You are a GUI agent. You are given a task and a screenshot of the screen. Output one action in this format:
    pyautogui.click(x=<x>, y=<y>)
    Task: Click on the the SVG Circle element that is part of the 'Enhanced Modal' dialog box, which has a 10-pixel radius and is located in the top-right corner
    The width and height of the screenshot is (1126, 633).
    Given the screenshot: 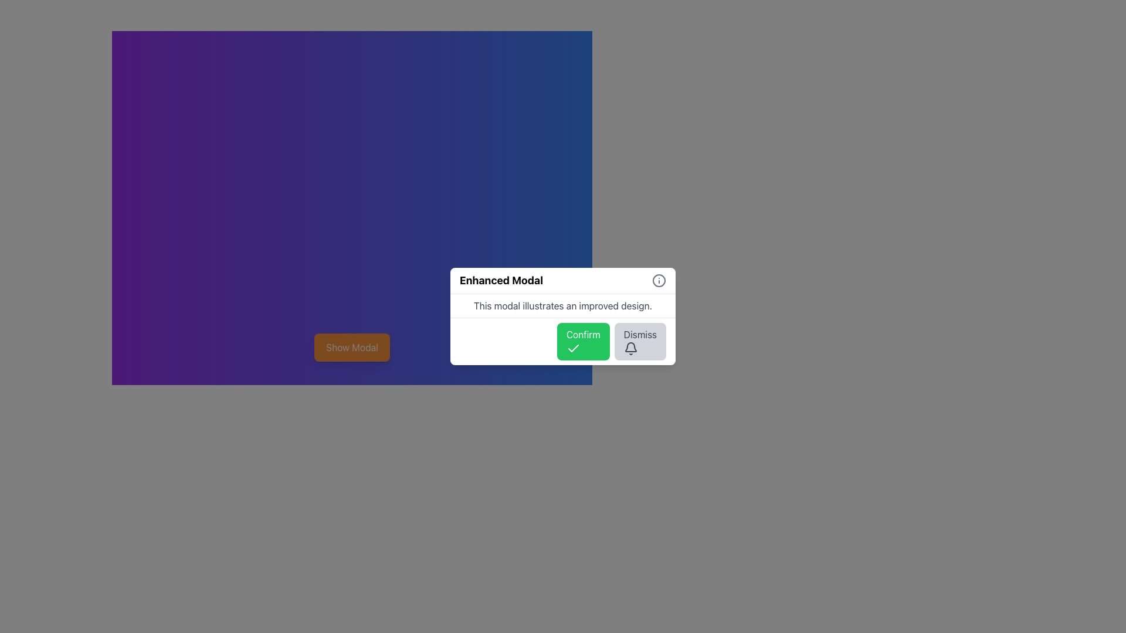 What is the action you would take?
    pyautogui.click(x=659, y=280)
    